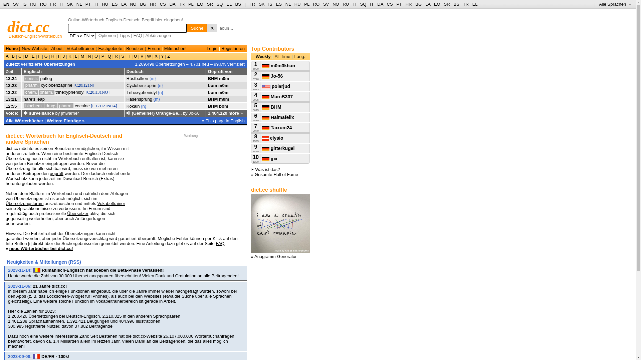 The width and height of the screenshot is (641, 360). What do you see at coordinates (220, 4) in the screenshot?
I see `'SQ'` at bounding box center [220, 4].